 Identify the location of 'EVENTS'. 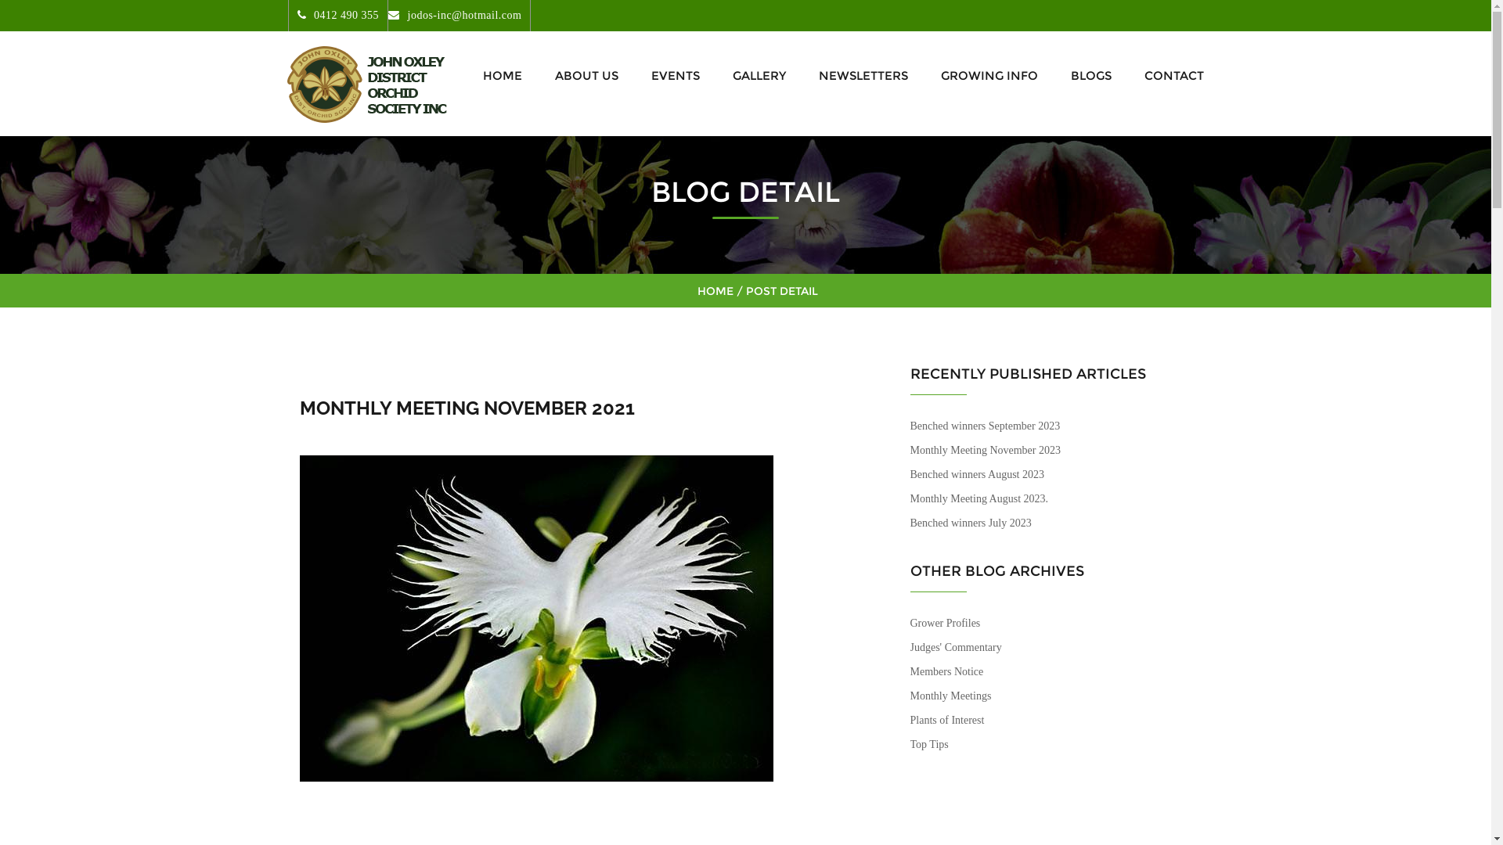
(676, 75).